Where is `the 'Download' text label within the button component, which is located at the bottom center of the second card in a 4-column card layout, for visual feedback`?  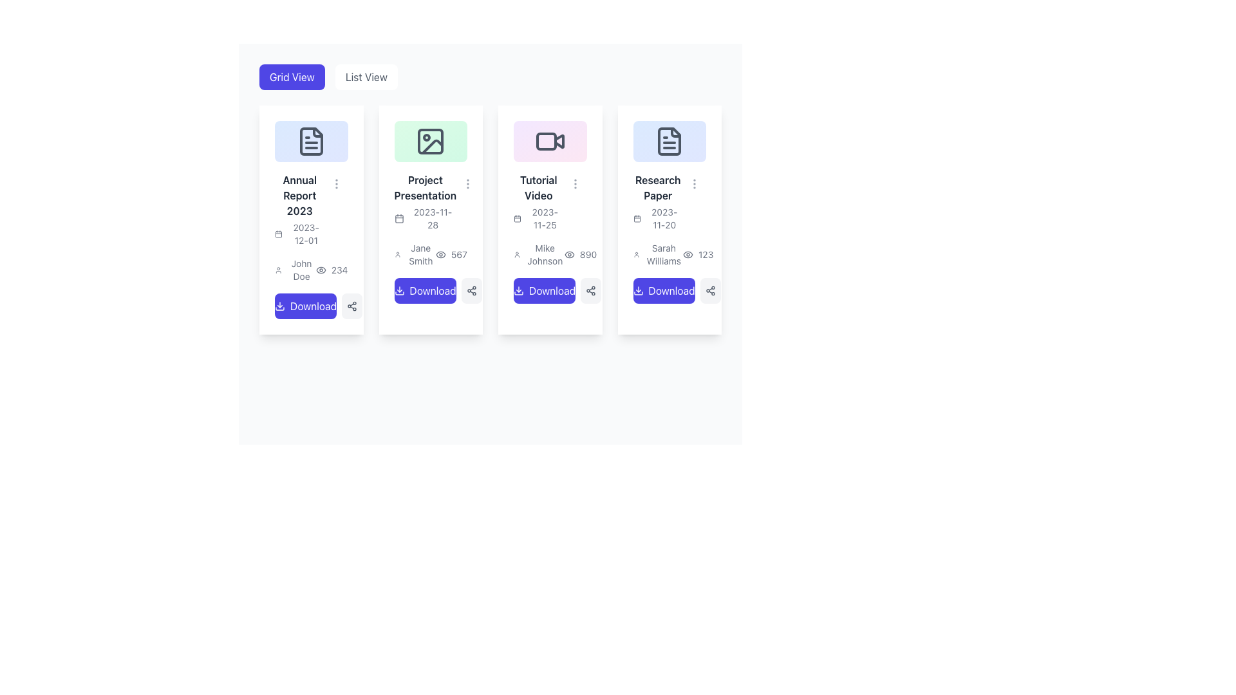
the 'Download' text label within the button component, which is located at the bottom center of the second card in a 4-column card layout, for visual feedback is located at coordinates (433, 290).